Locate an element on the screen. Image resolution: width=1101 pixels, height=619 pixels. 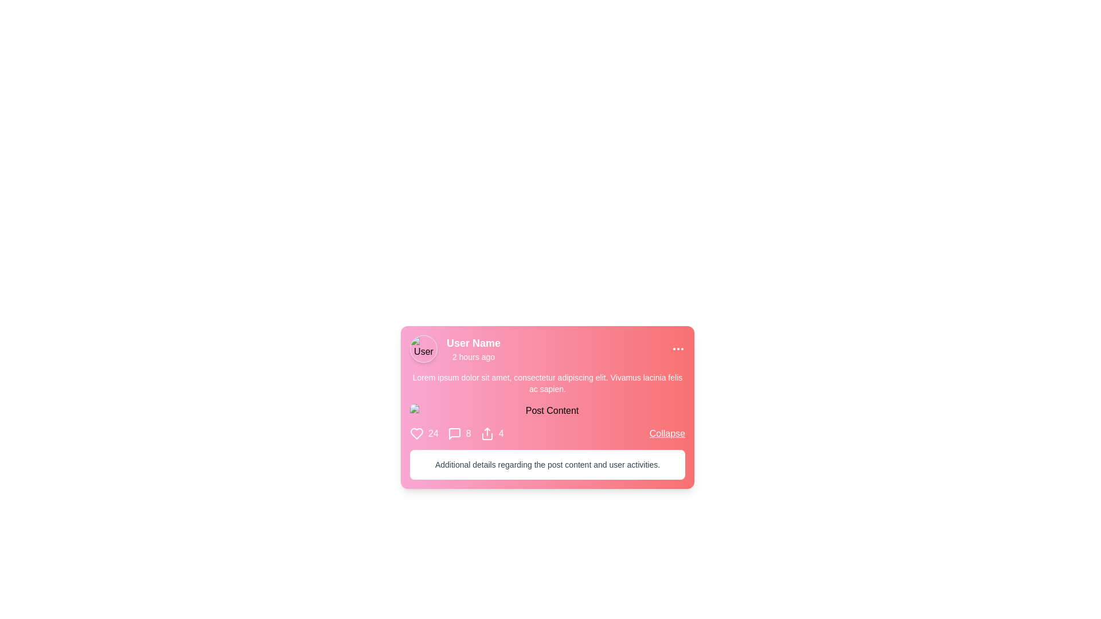
text displayed in the Text Label that shows '2 hours ago' in white against a pink background, located next to the username is located at coordinates (473, 356).